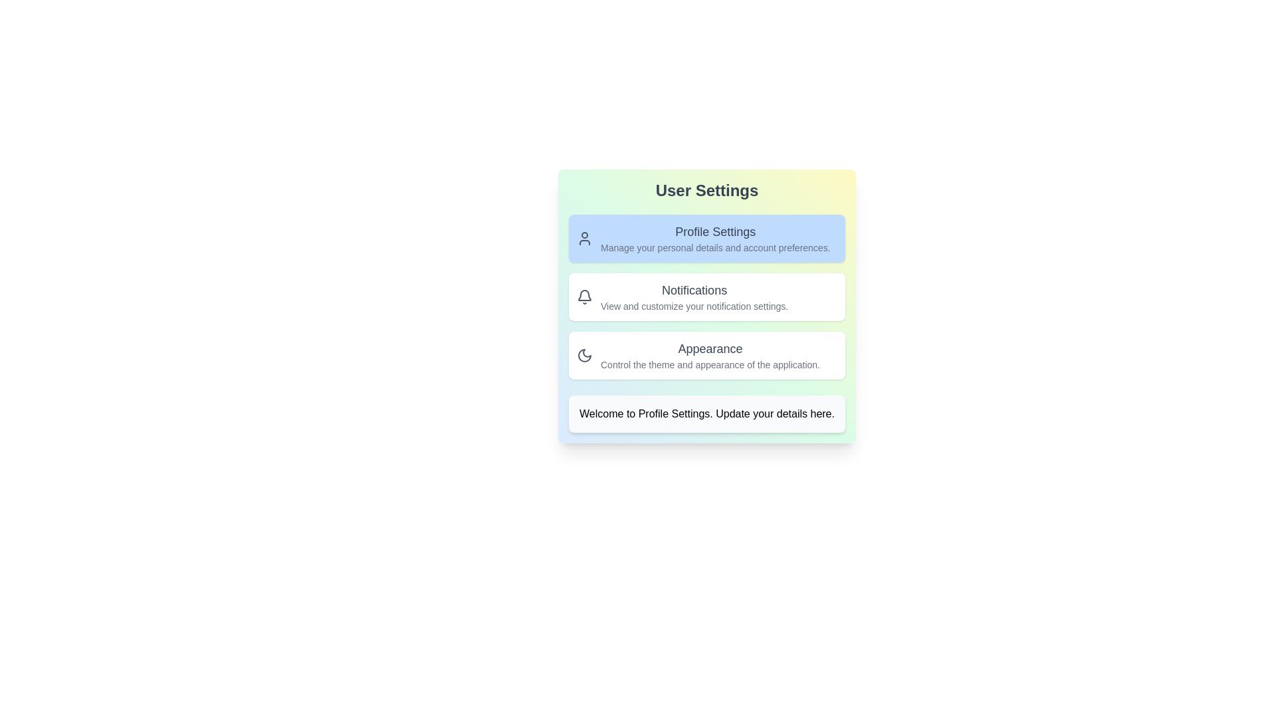 Image resolution: width=1276 pixels, height=718 pixels. Describe the element at coordinates (706, 297) in the screenshot. I see `the option 2 to highlight it` at that location.